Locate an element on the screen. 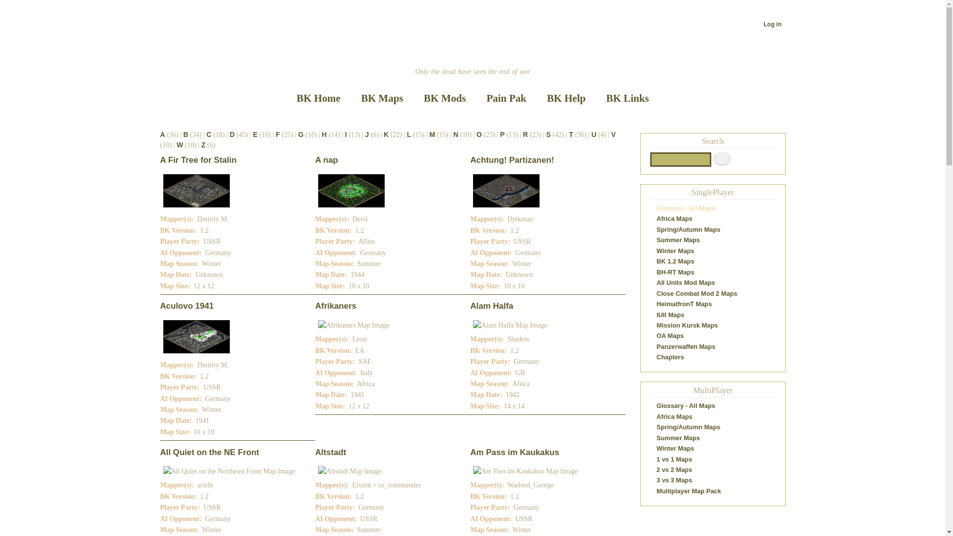 The width and height of the screenshot is (953, 536). 'C' is located at coordinates (208, 134).